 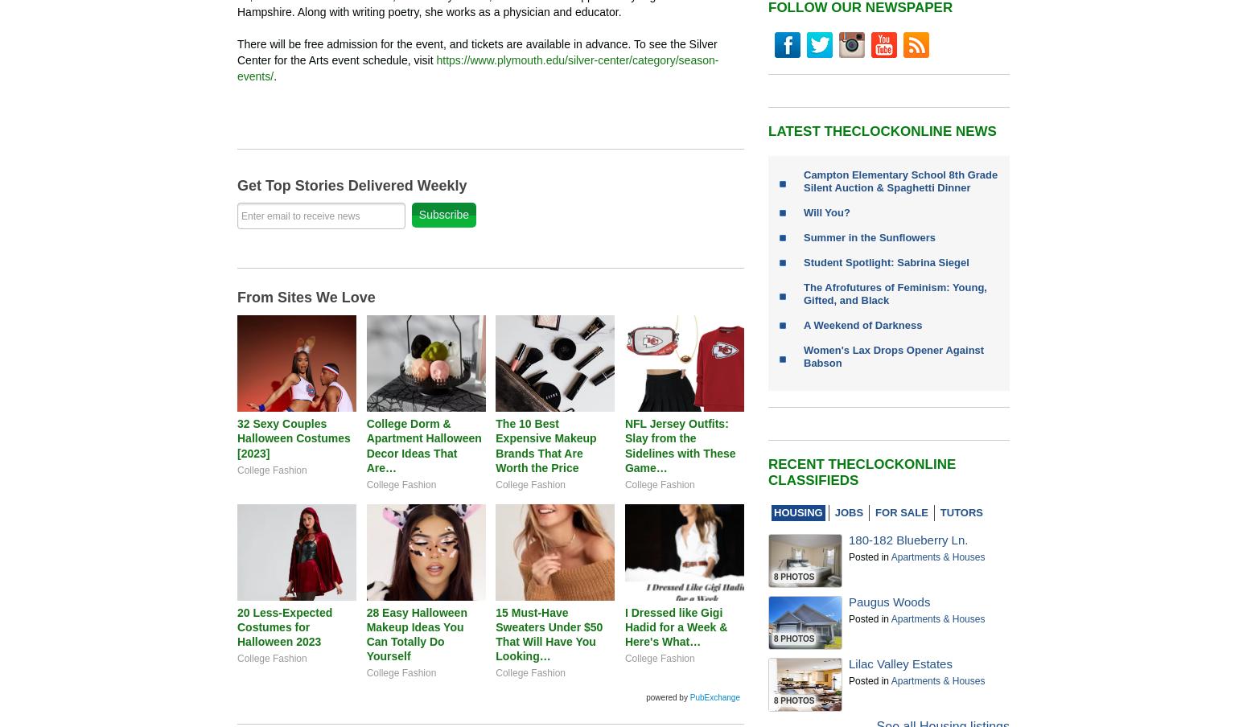 I want to click on 'PubExchange', so click(x=714, y=696).